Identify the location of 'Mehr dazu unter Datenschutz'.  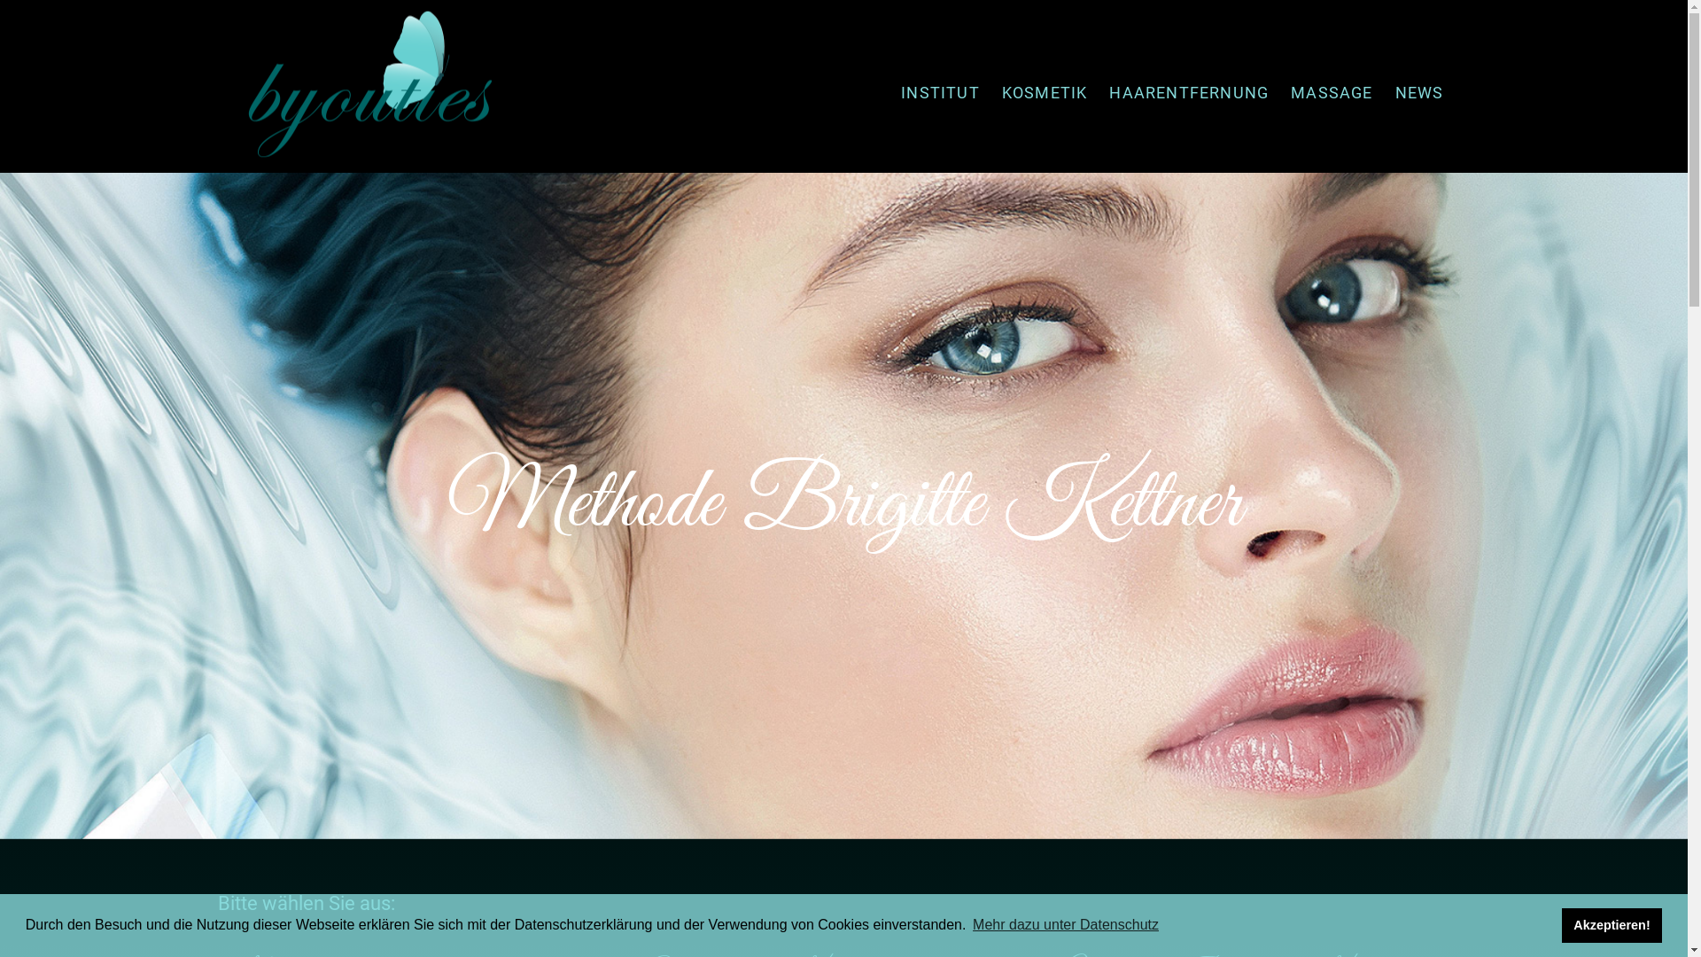
(1065, 924).